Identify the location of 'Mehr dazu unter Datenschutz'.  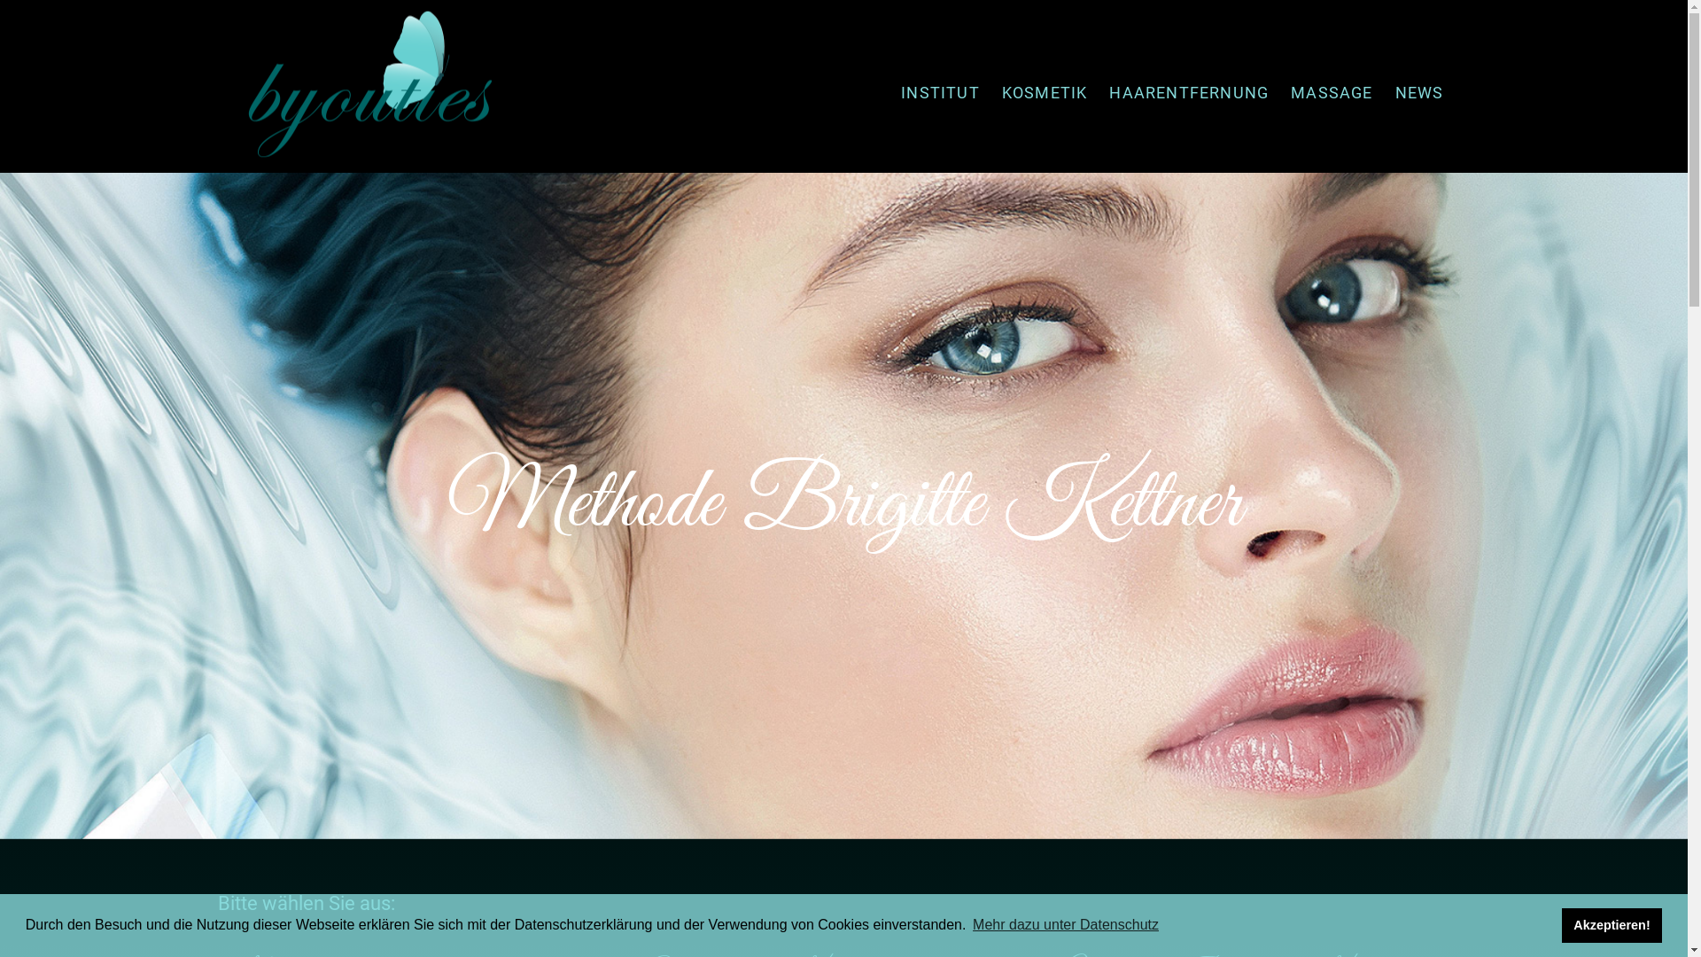
(1065, 924).